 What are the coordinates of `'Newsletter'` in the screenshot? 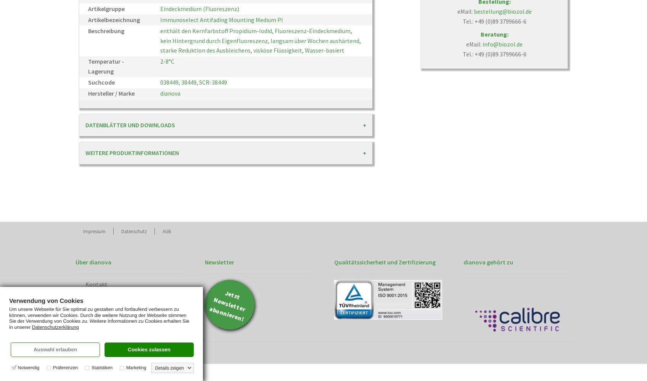 It's located at (219, 262).